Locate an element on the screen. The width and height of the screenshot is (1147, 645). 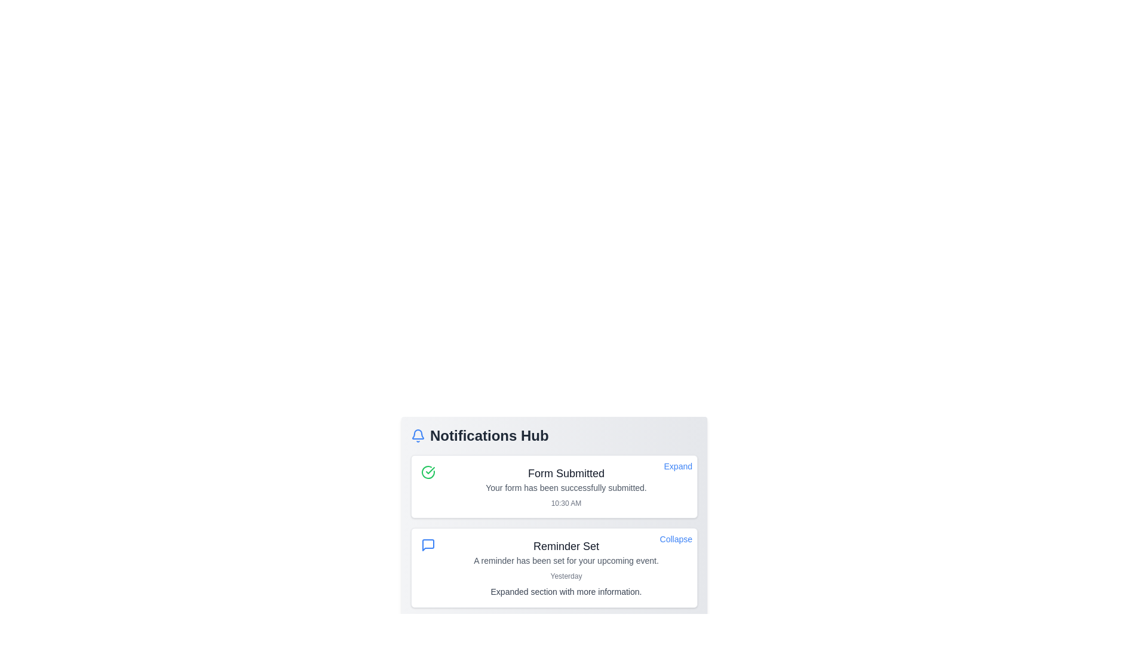
the textual header 'Reminder Set' which is prominently displayed at the top of the notification box, styled with a larger font size and dark gray color is located at coordinates (566, 546).